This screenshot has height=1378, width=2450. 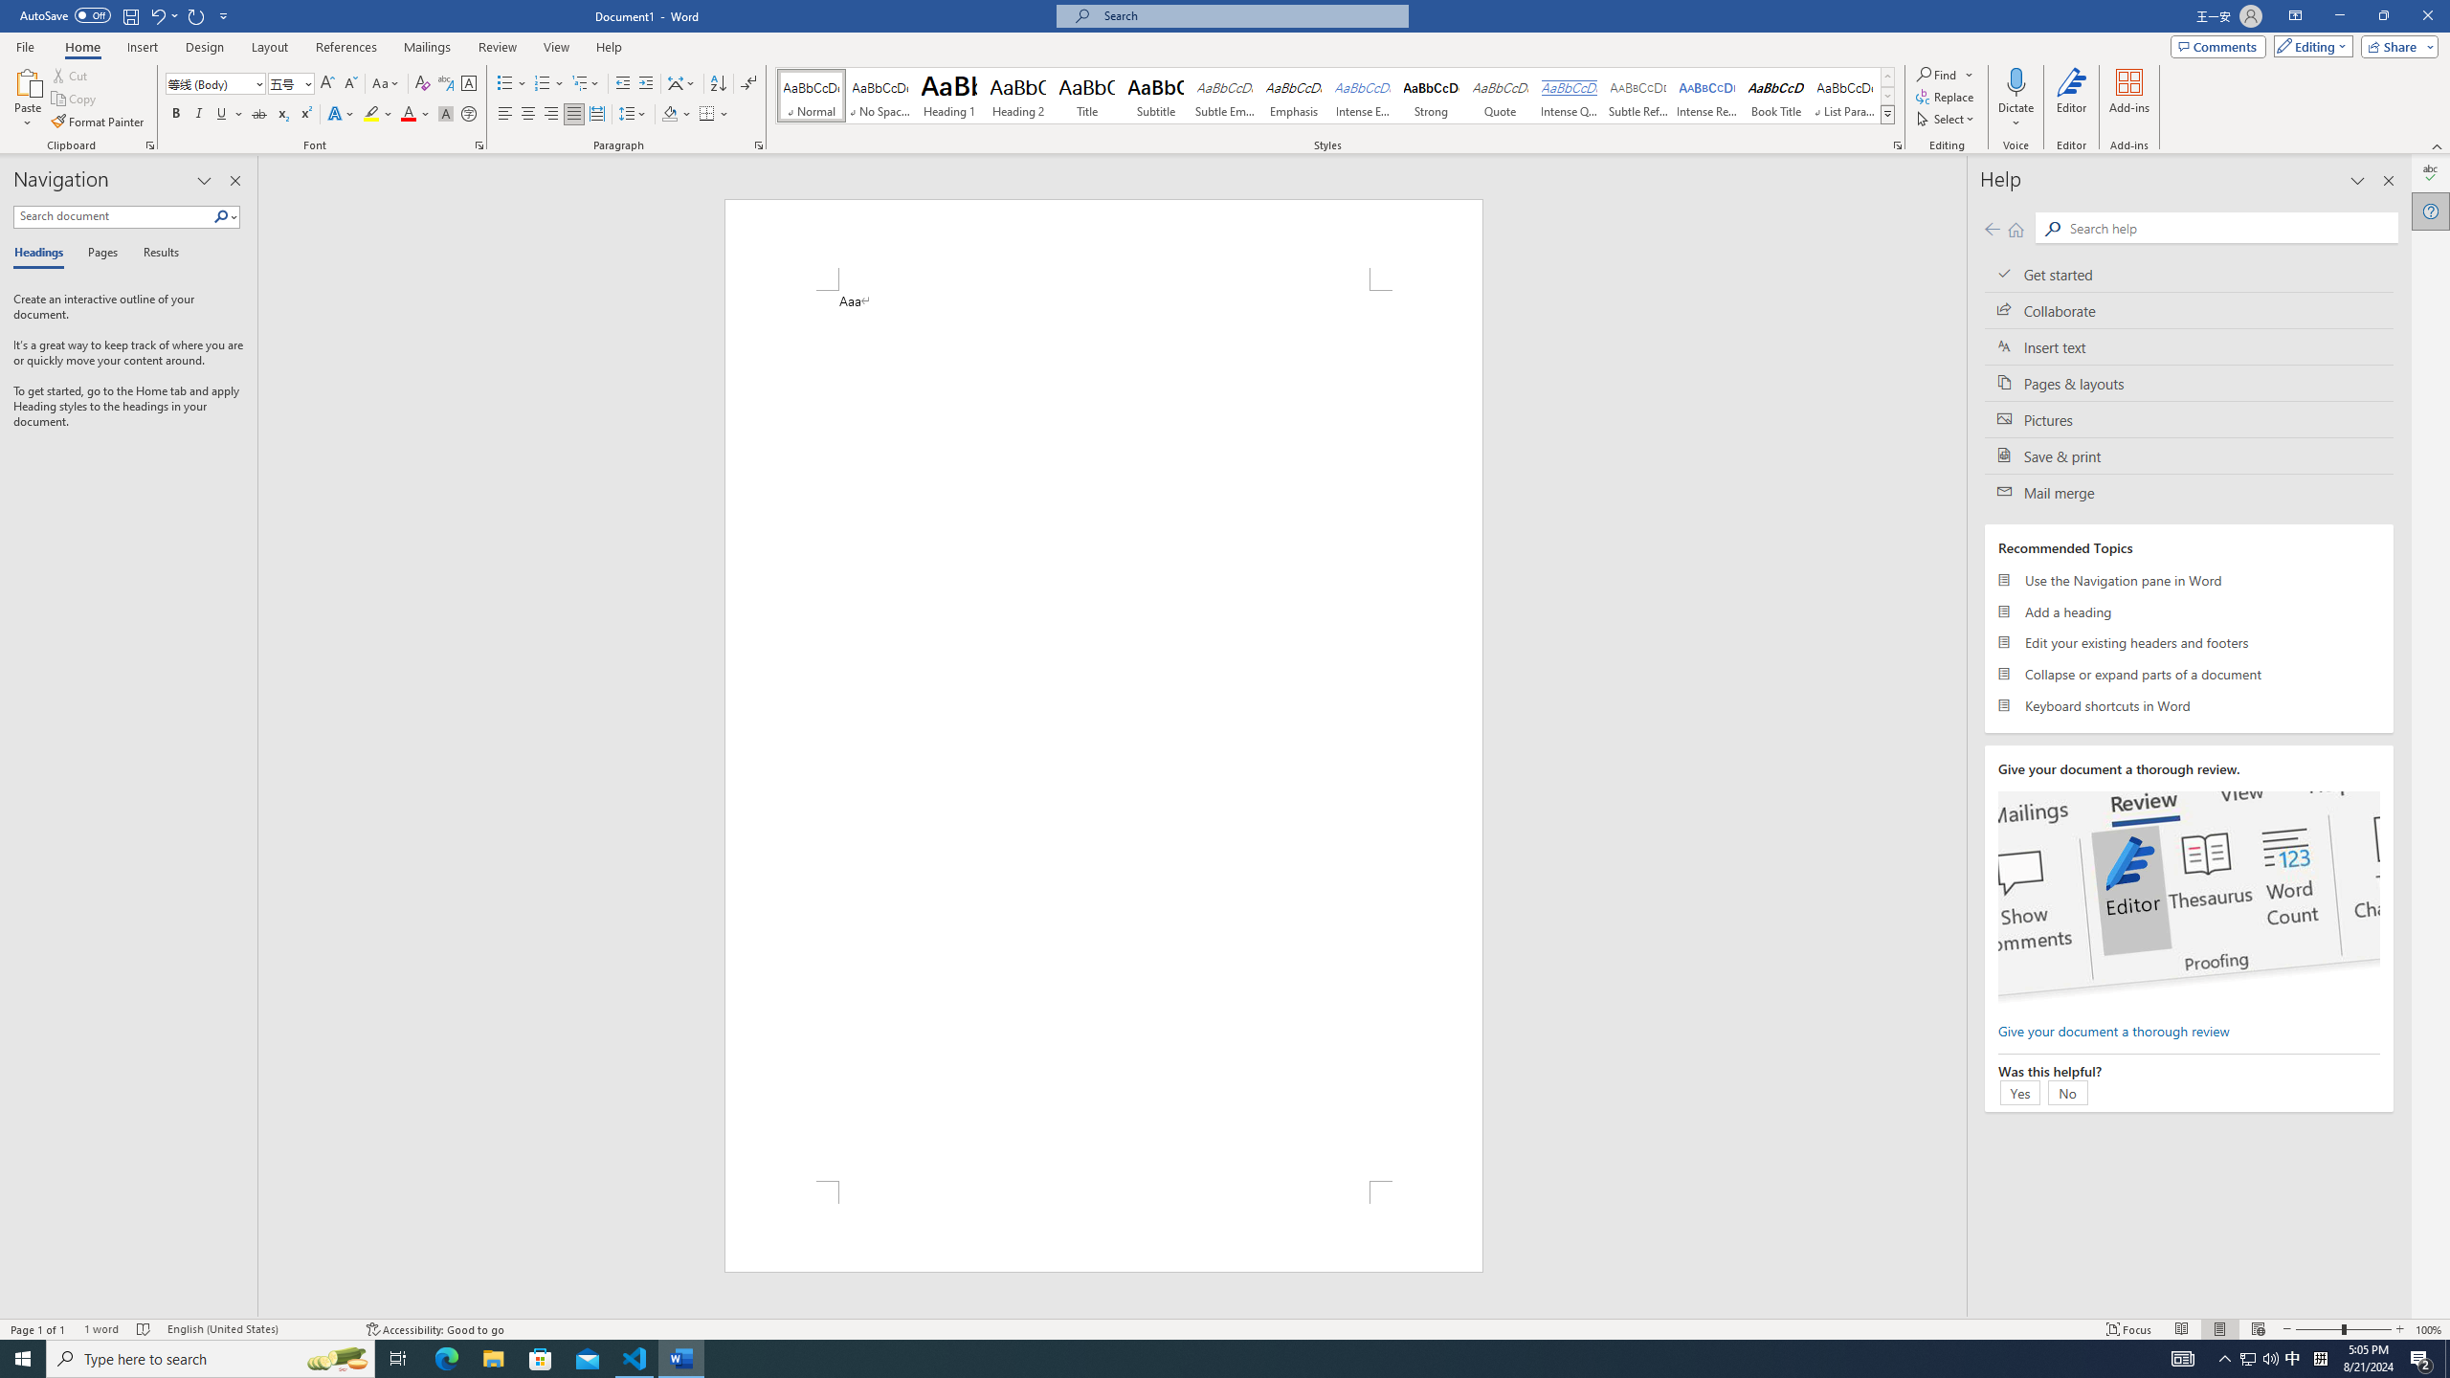 I want to click on 'Replace...', so click(x=1946, y=95).